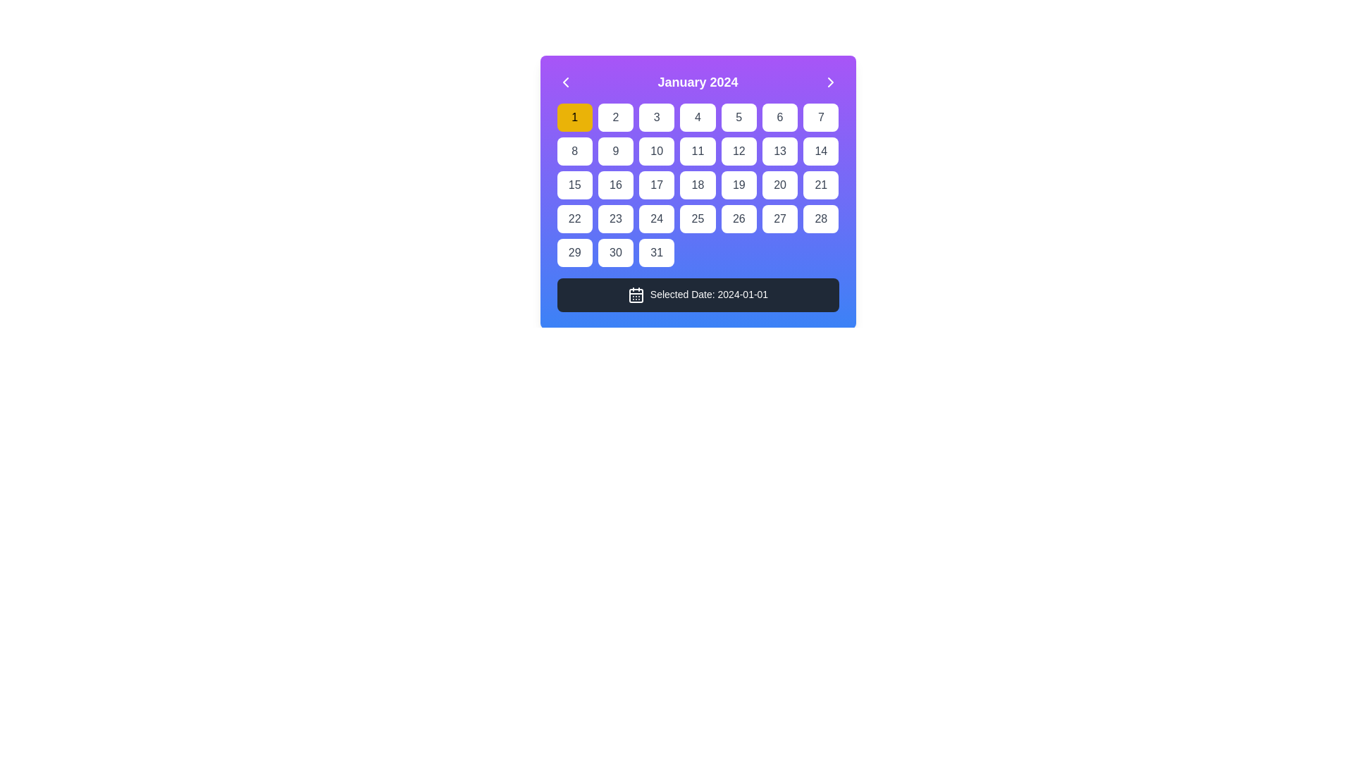 Image resolution: width=1353 pixels, height=761 pixels. Describe the element at coordinates (698, 82) in the screenshot. I see `the Text Label that displays the currently selected month and year in the calendar view, which is centrally located within the top section of the calendar interface` at that location.